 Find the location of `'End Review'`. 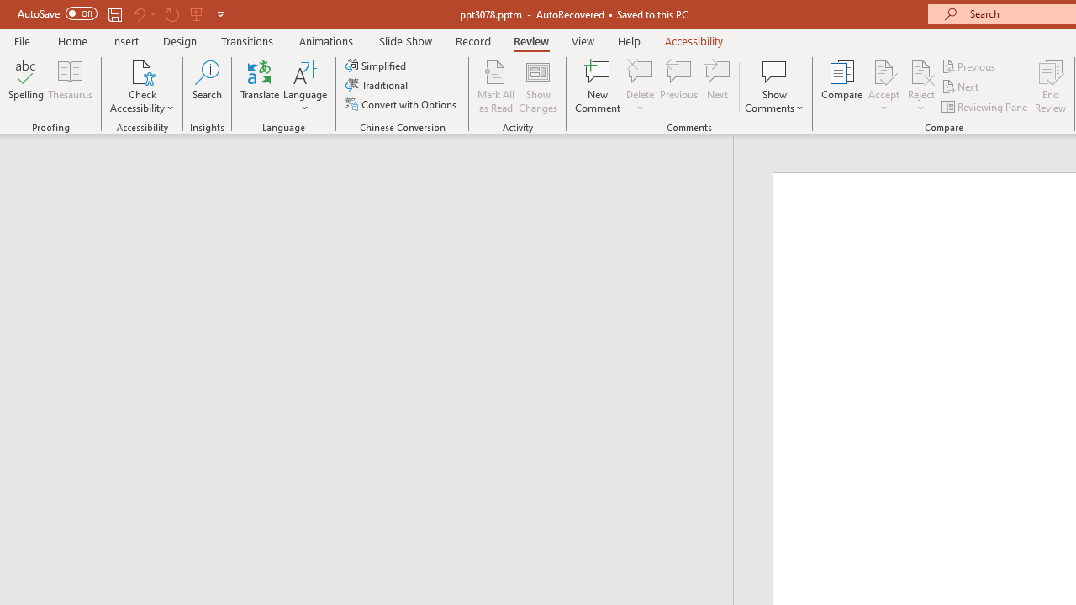

'End Review' is located at coordinates (1049, 87).